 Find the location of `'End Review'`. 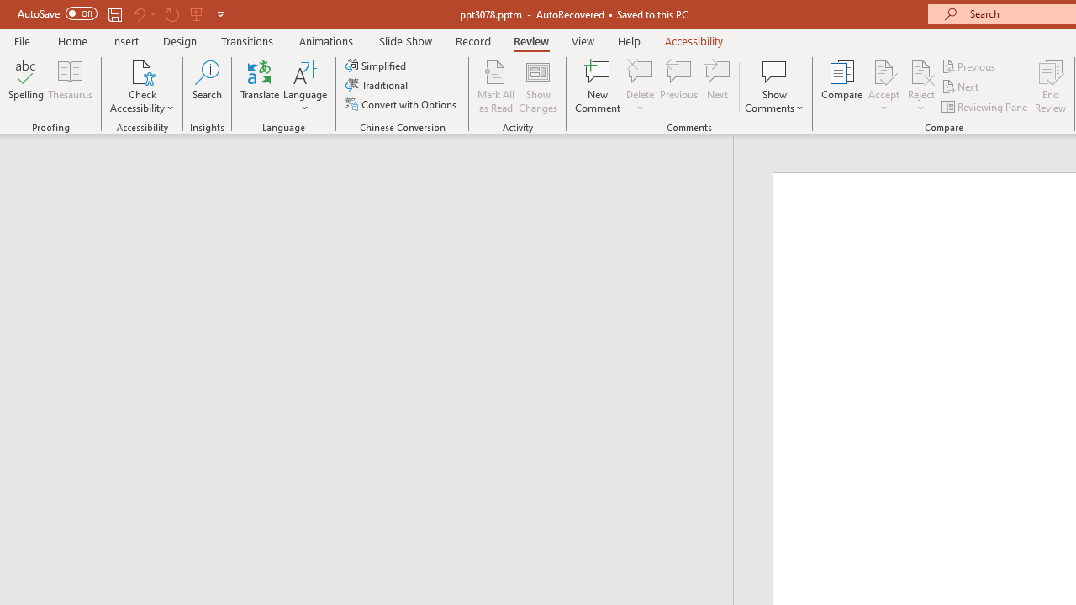

'End Review' is located at coordinates (1049, 87).